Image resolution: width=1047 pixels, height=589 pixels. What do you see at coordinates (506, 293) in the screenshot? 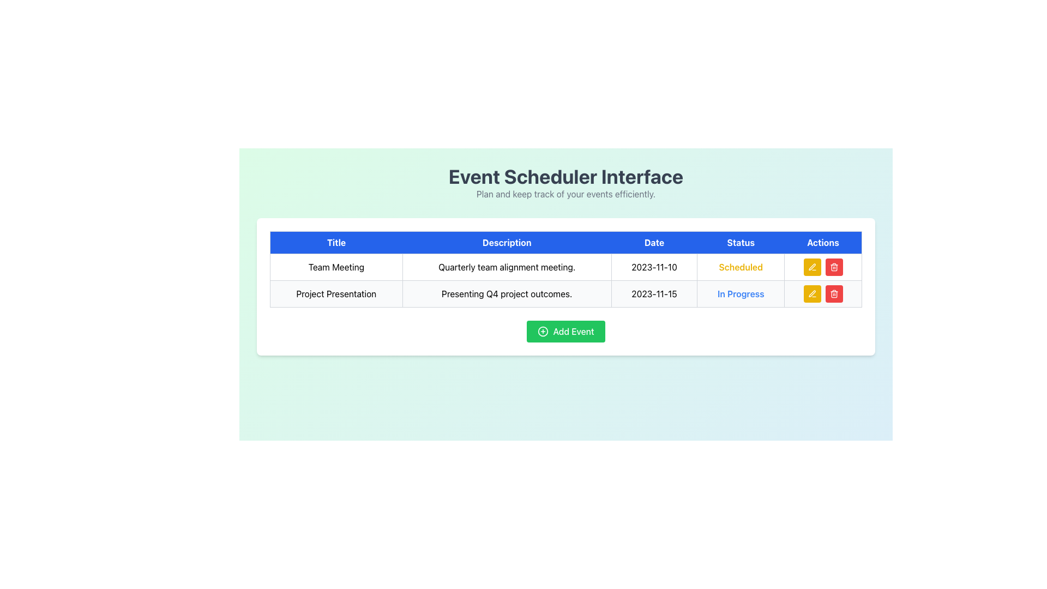
I see `the descriptive text in the 'Description' column of the table that is adjacent to 'Project Presentation'` at bounding box center [506, 293].